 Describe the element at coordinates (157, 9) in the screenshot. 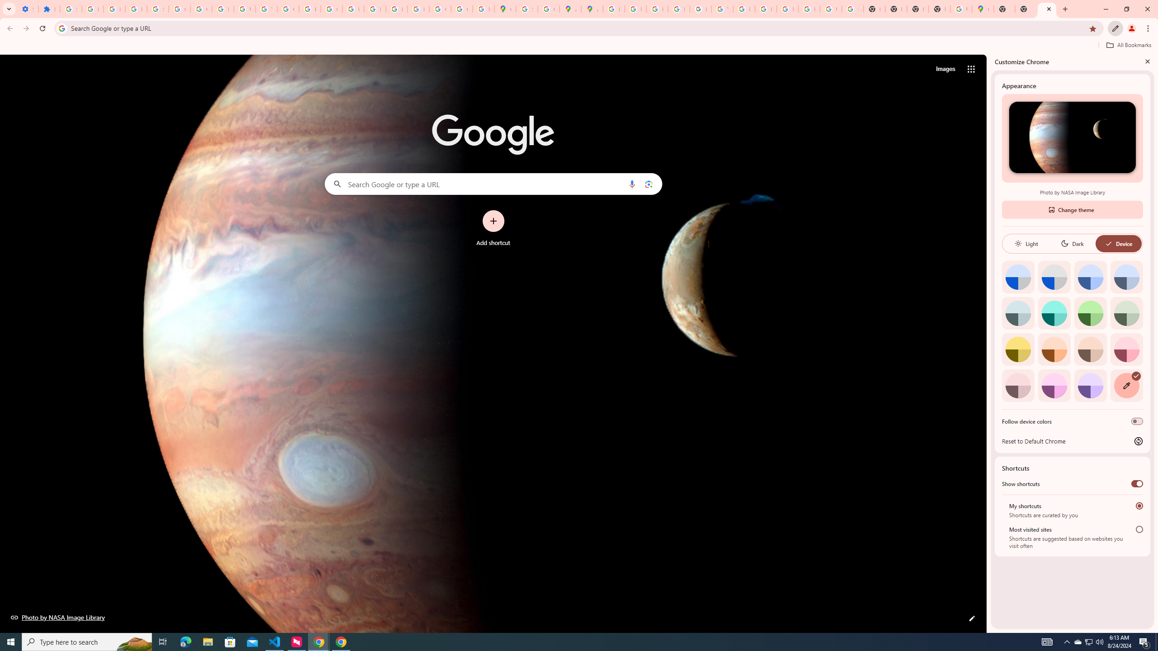

I see `'Sign in - Google Accounts'` at that location.